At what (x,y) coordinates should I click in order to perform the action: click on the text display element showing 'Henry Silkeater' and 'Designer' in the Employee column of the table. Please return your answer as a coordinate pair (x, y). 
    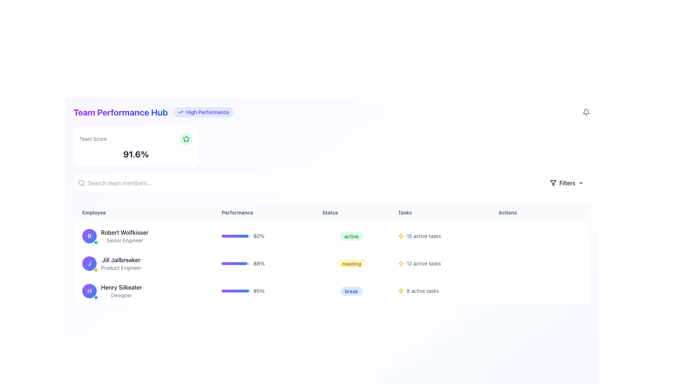
    Looking at the image, I should click on (121, 291).